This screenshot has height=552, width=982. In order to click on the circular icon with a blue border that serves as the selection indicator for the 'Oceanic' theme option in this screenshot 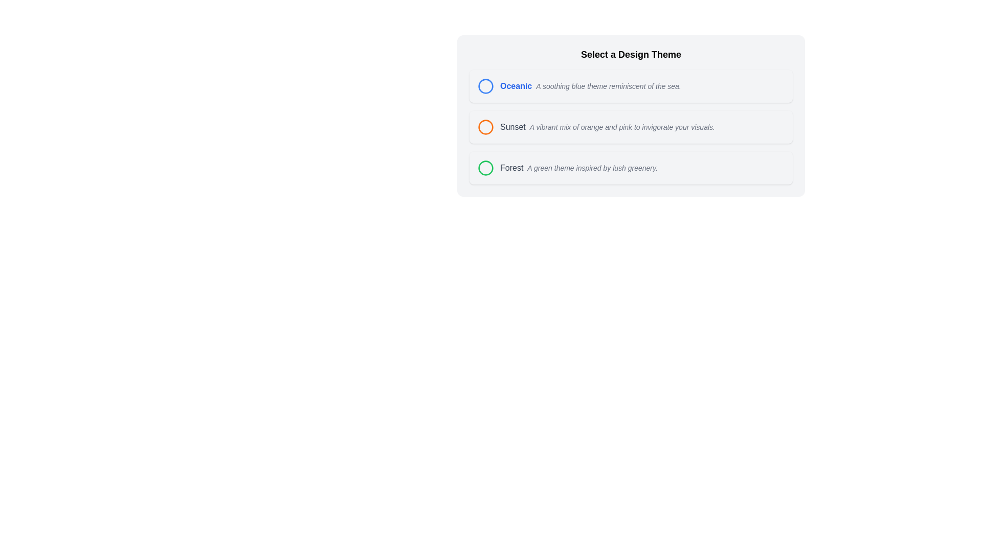, I will do `click(485, 86)`.